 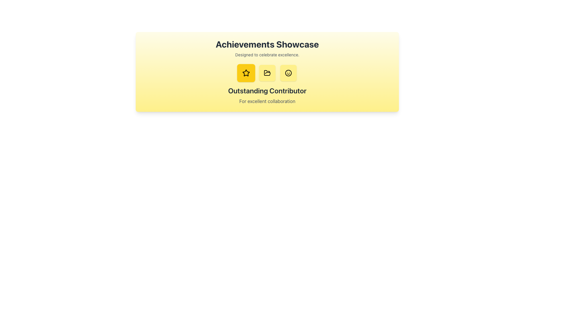 What do you see at coordinates (267, 44) in the screenshot?
I see `the text header that says 'Achievements Showcase', which is styled in a bold, large font and is prominently positioned at the top of the yellow-themed card` at bounding box center [267, 44].